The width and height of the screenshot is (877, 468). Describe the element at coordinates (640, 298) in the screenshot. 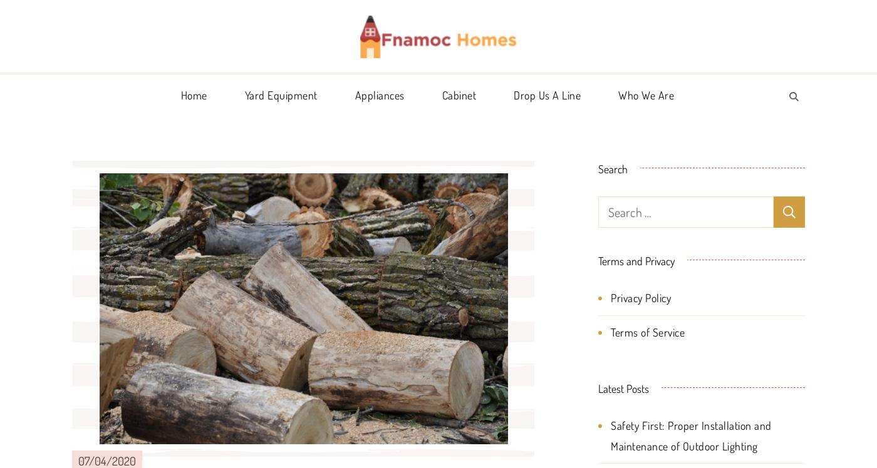

I see `'Privacy Policy'` at that location.